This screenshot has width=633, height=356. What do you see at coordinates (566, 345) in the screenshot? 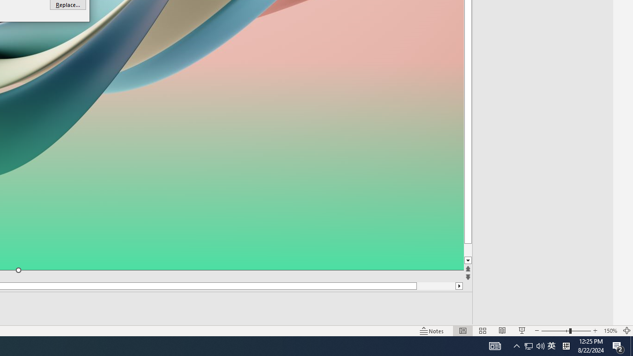
I see `'Tray Input Indicator - Chinese (Simplified, China)'` at bounding box center [566, 345].